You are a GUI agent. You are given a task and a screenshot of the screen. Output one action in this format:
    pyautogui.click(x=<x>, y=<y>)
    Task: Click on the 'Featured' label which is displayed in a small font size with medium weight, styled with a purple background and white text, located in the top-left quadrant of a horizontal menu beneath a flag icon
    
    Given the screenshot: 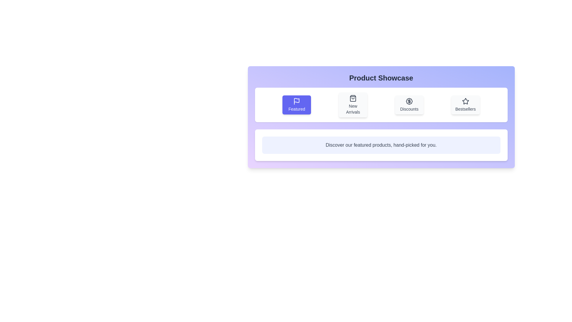 What is the action you would take?
    pyautogui.click(x=297, y=109)
    